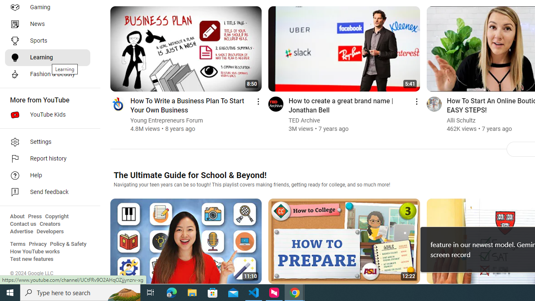 Image resolution: width=535 pixels, height=301 pixels. What do you see at coordinates (34, 216) in the screenshot?
I see `'Press'` at bounding box center [34, 216].